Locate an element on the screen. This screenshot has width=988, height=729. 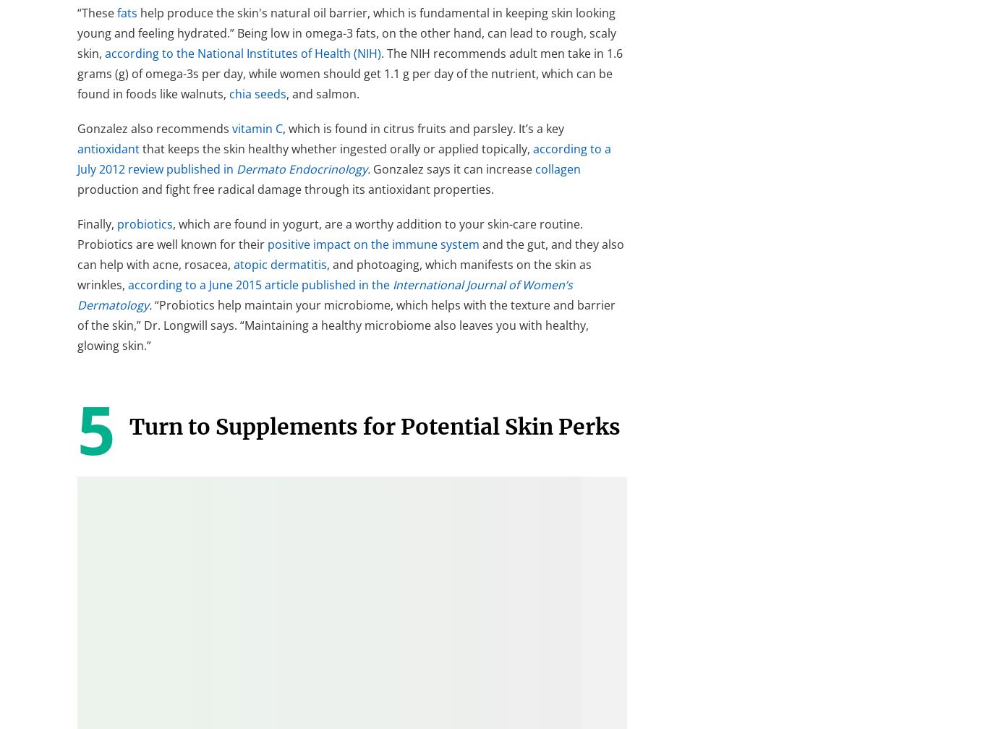
', and salmon.' is located at coordinates (322, 93).